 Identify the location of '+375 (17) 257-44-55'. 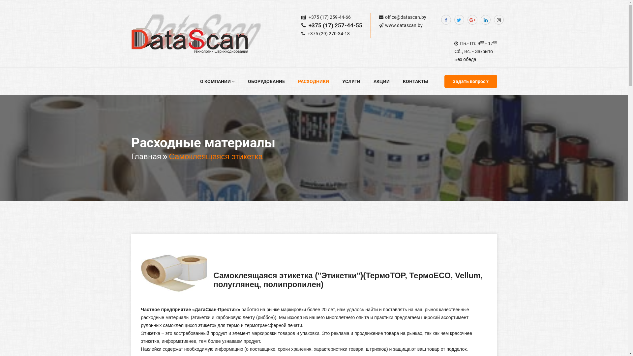
(335, 25).